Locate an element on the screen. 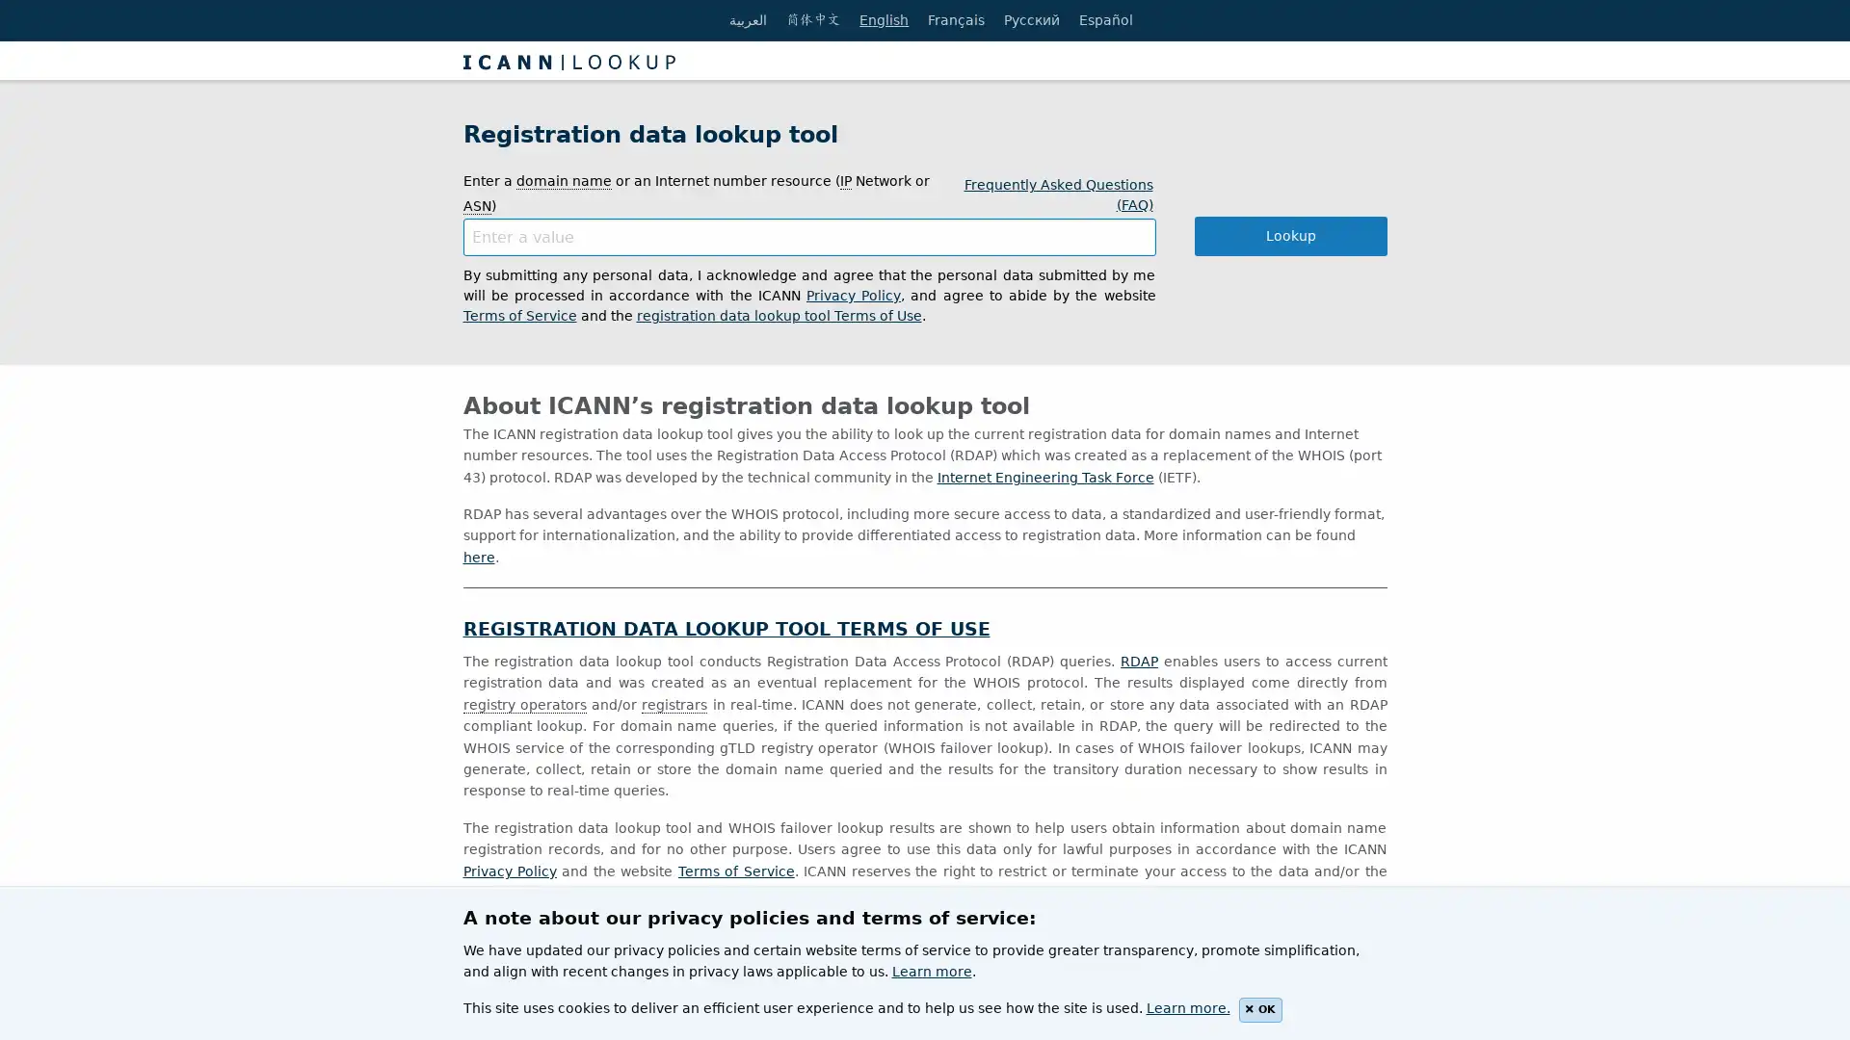  Lookup is located at coordinates (1290, 235).